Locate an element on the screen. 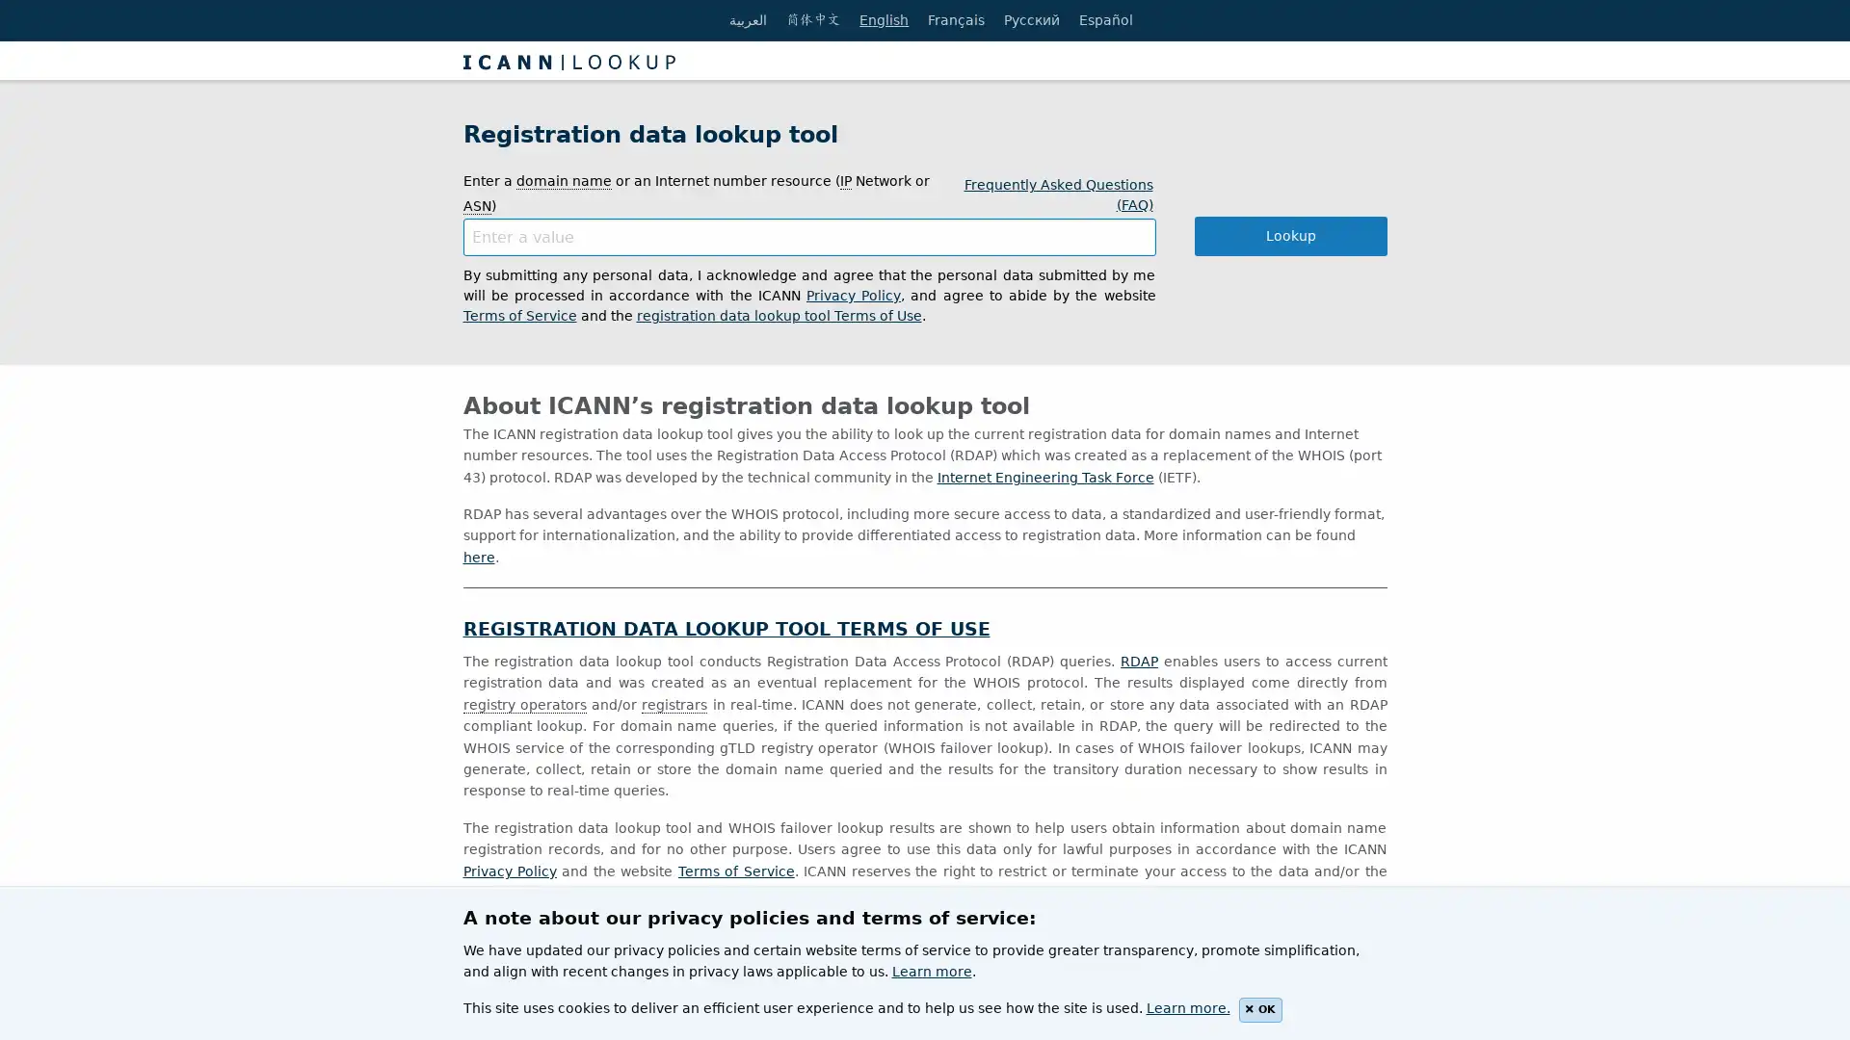  Lookup is located at coordinates (1290, 235).